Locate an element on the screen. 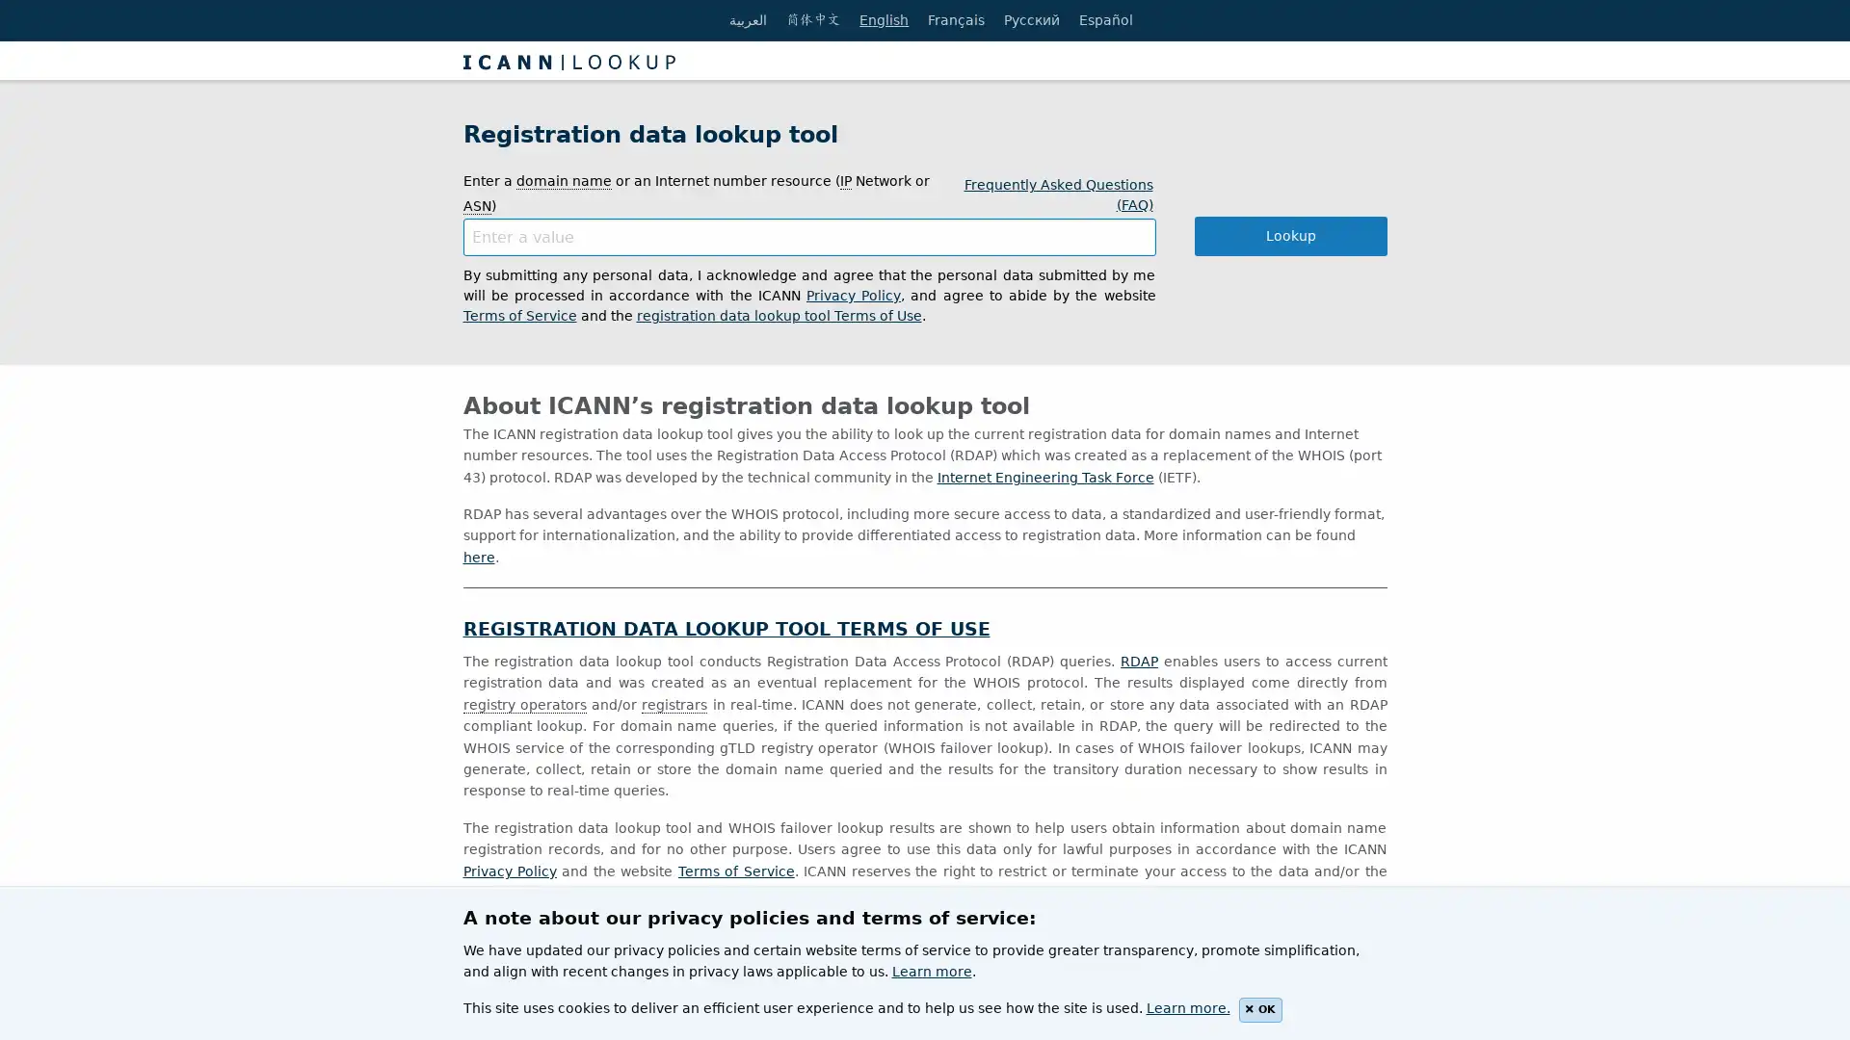  Lookup is located at coordinates (1290, 235).